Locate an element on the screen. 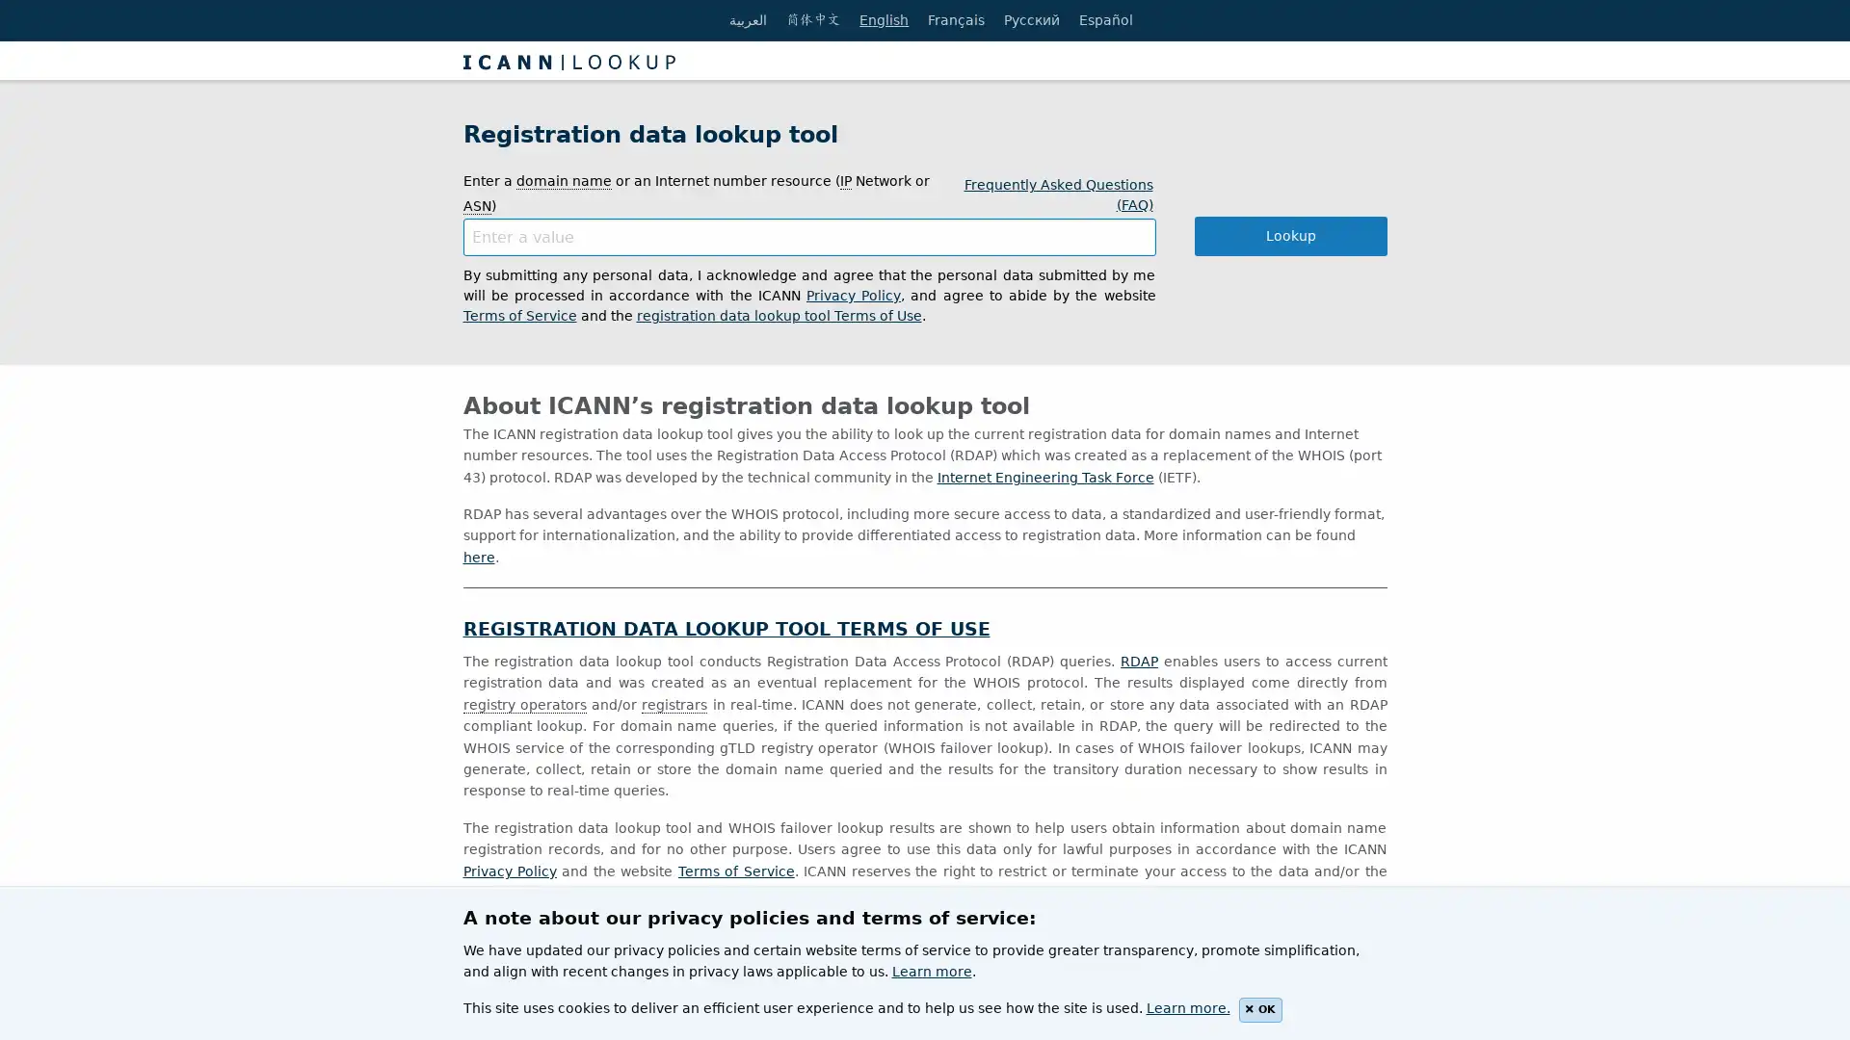  Lookup is located at coordinates (1290, 235).